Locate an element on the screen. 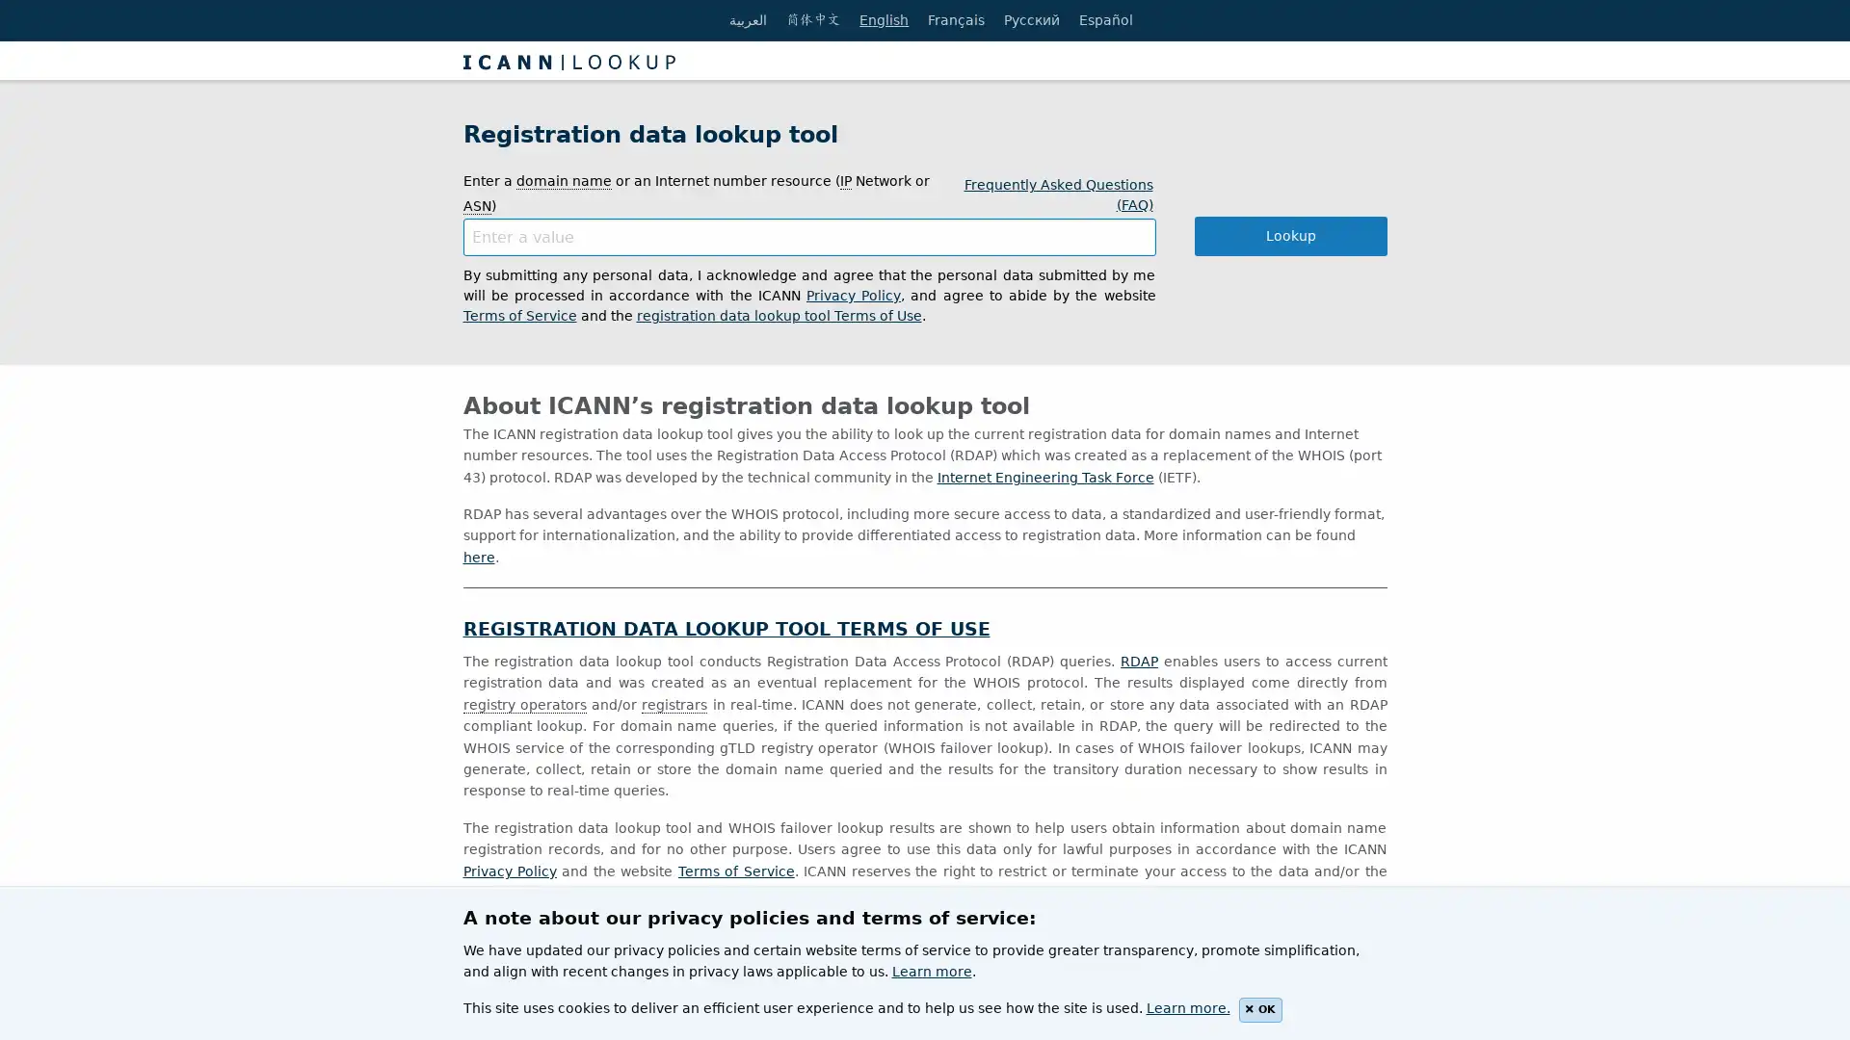  Lookup is located at coordinates (1290, 235).